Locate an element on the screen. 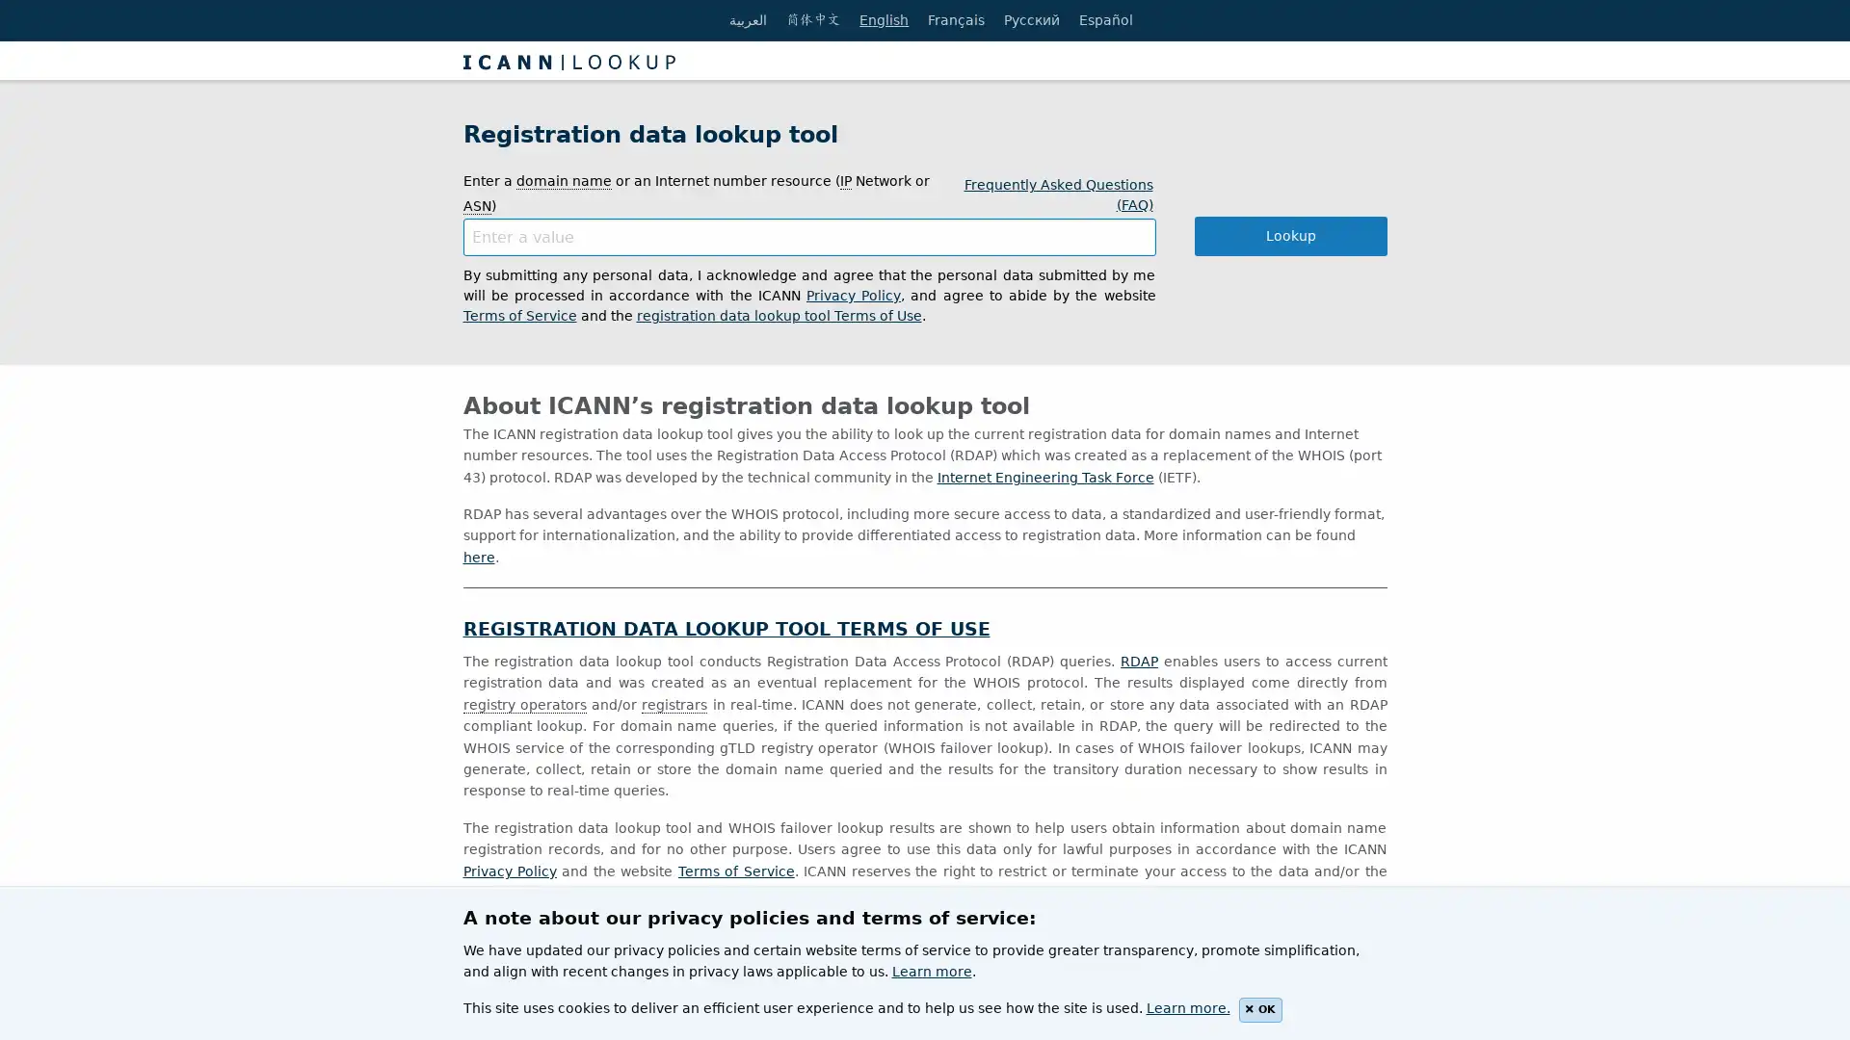  Lookup is located at coordinates (1290, 235).